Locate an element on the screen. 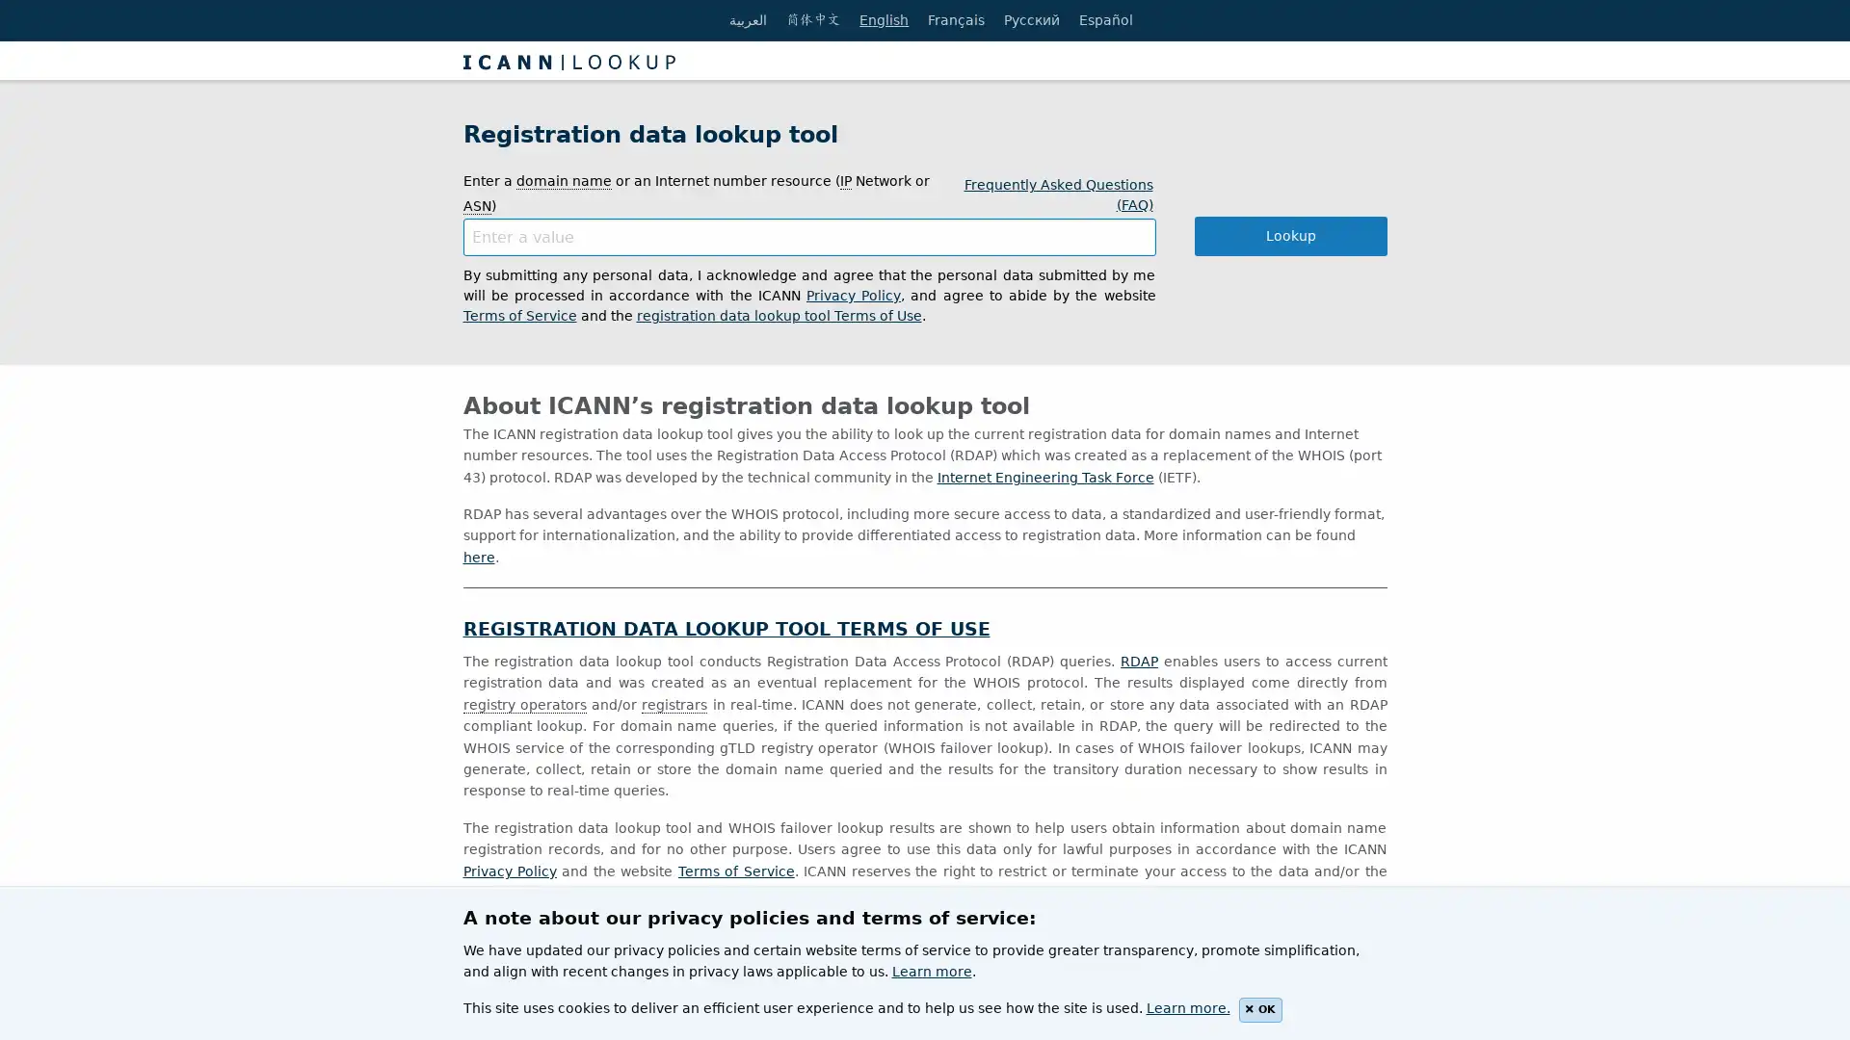  Lookup is located at coordinates (1290, 235).